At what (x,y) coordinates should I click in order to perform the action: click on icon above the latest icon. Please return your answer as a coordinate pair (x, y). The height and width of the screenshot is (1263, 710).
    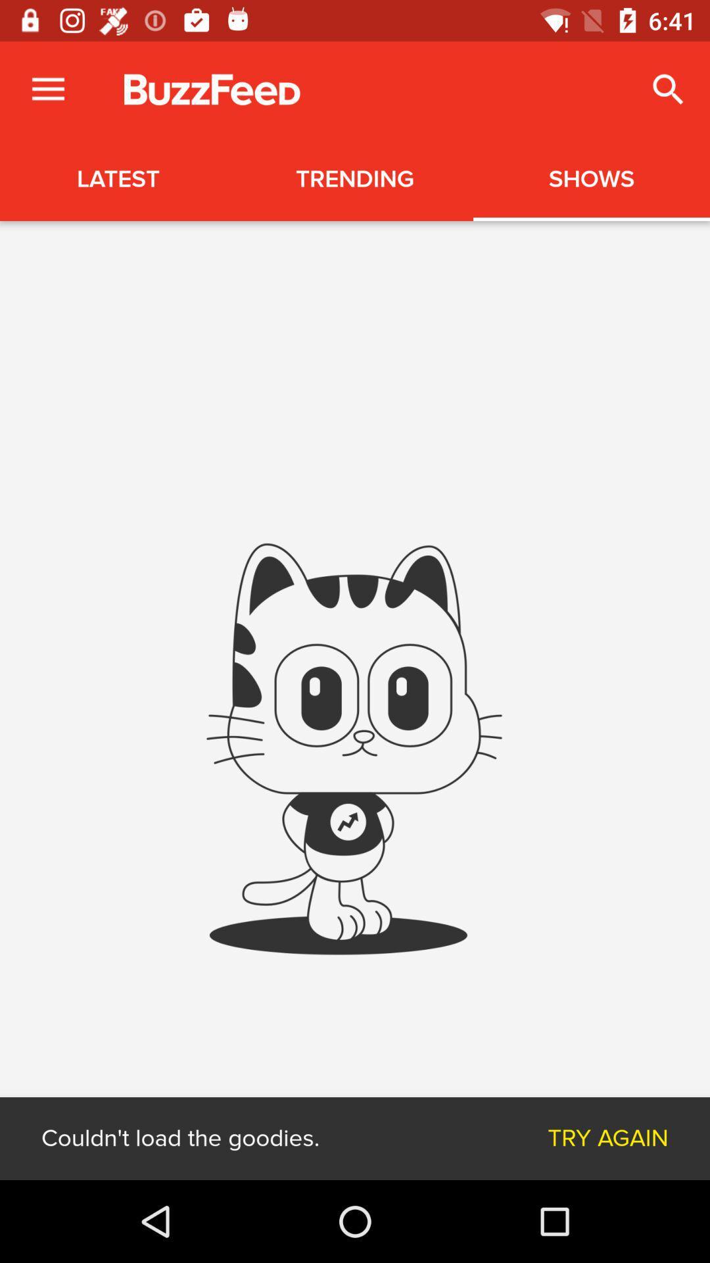
    Looking at the image, I should click on (47, 89).